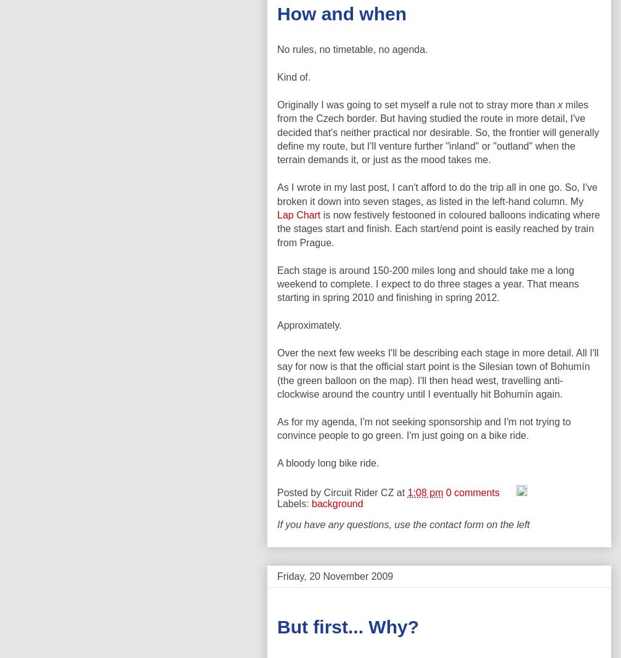 Image resolution: width=621 pixels, height=658 pixels. Describe the element at coordinates (299, 214) in the screenshot. I see `'Lap Chart'` at that location.